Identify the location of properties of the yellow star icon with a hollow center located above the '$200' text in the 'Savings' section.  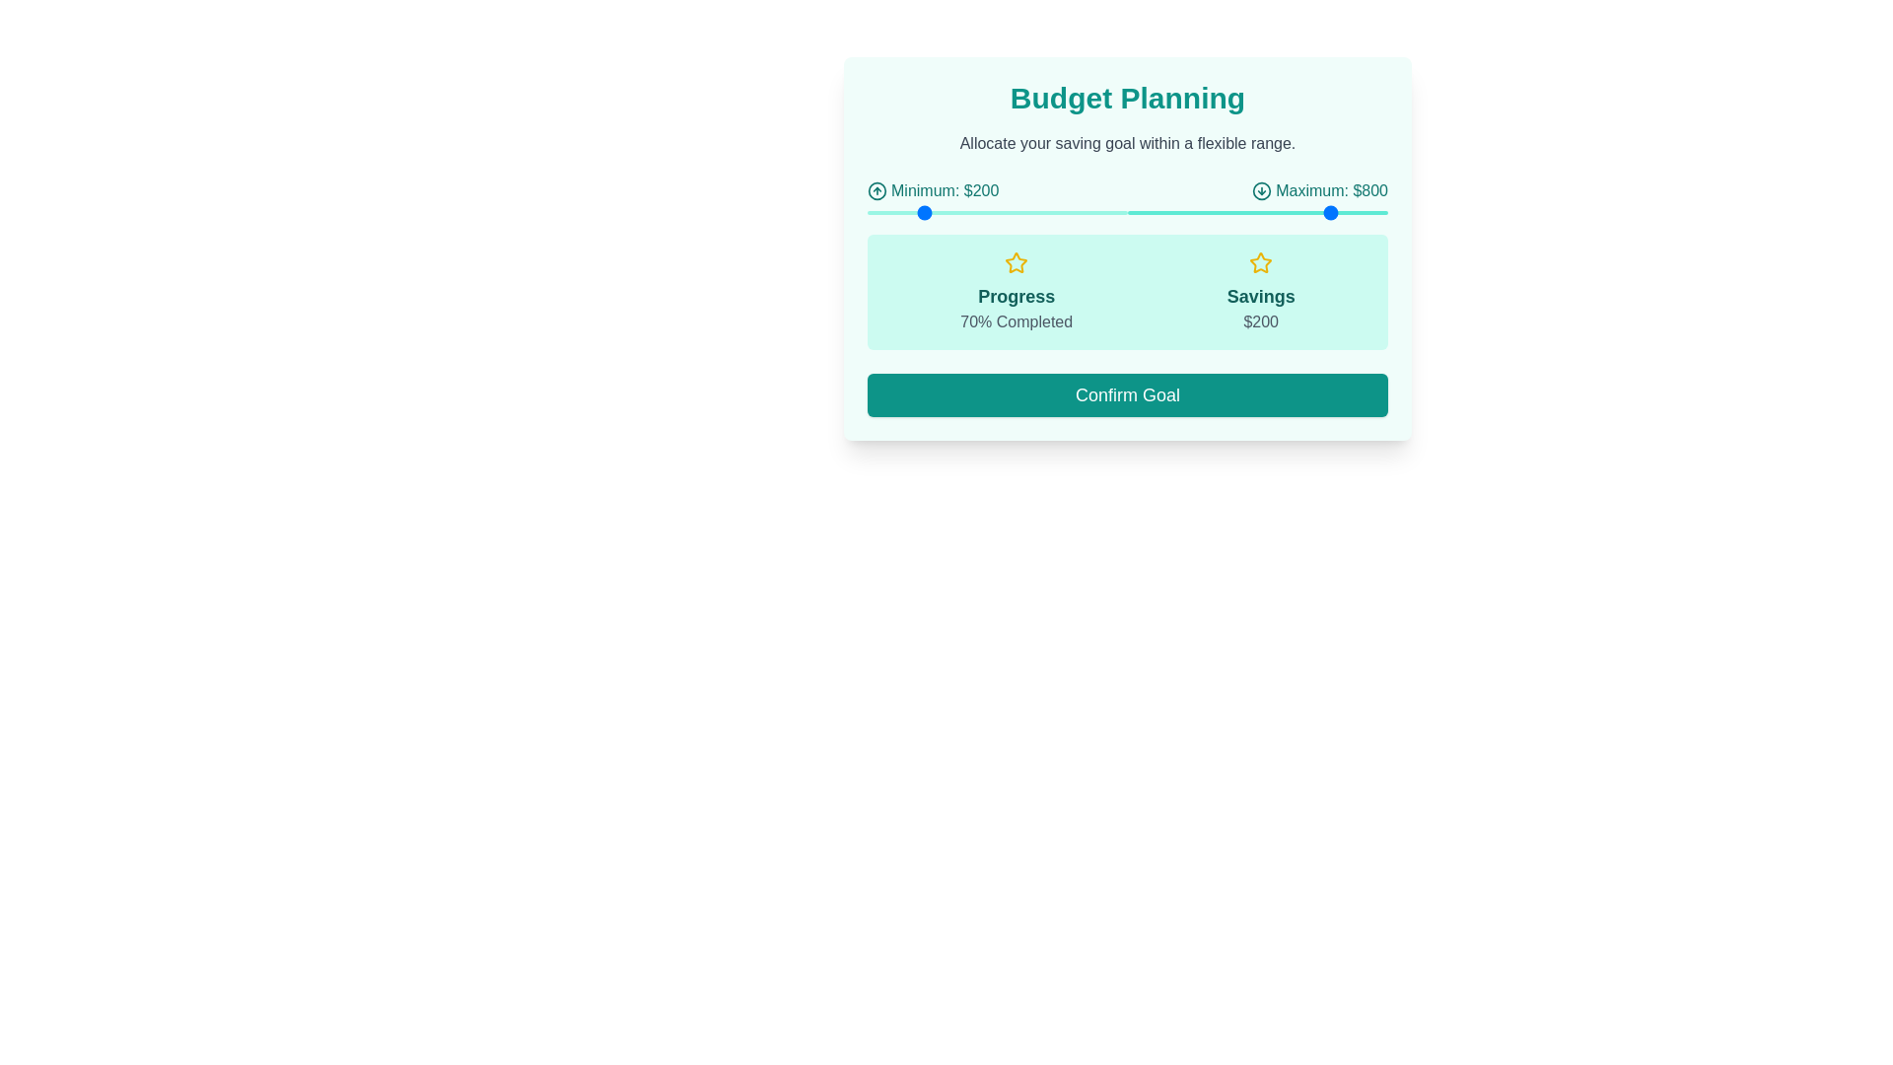
(1260, 261).